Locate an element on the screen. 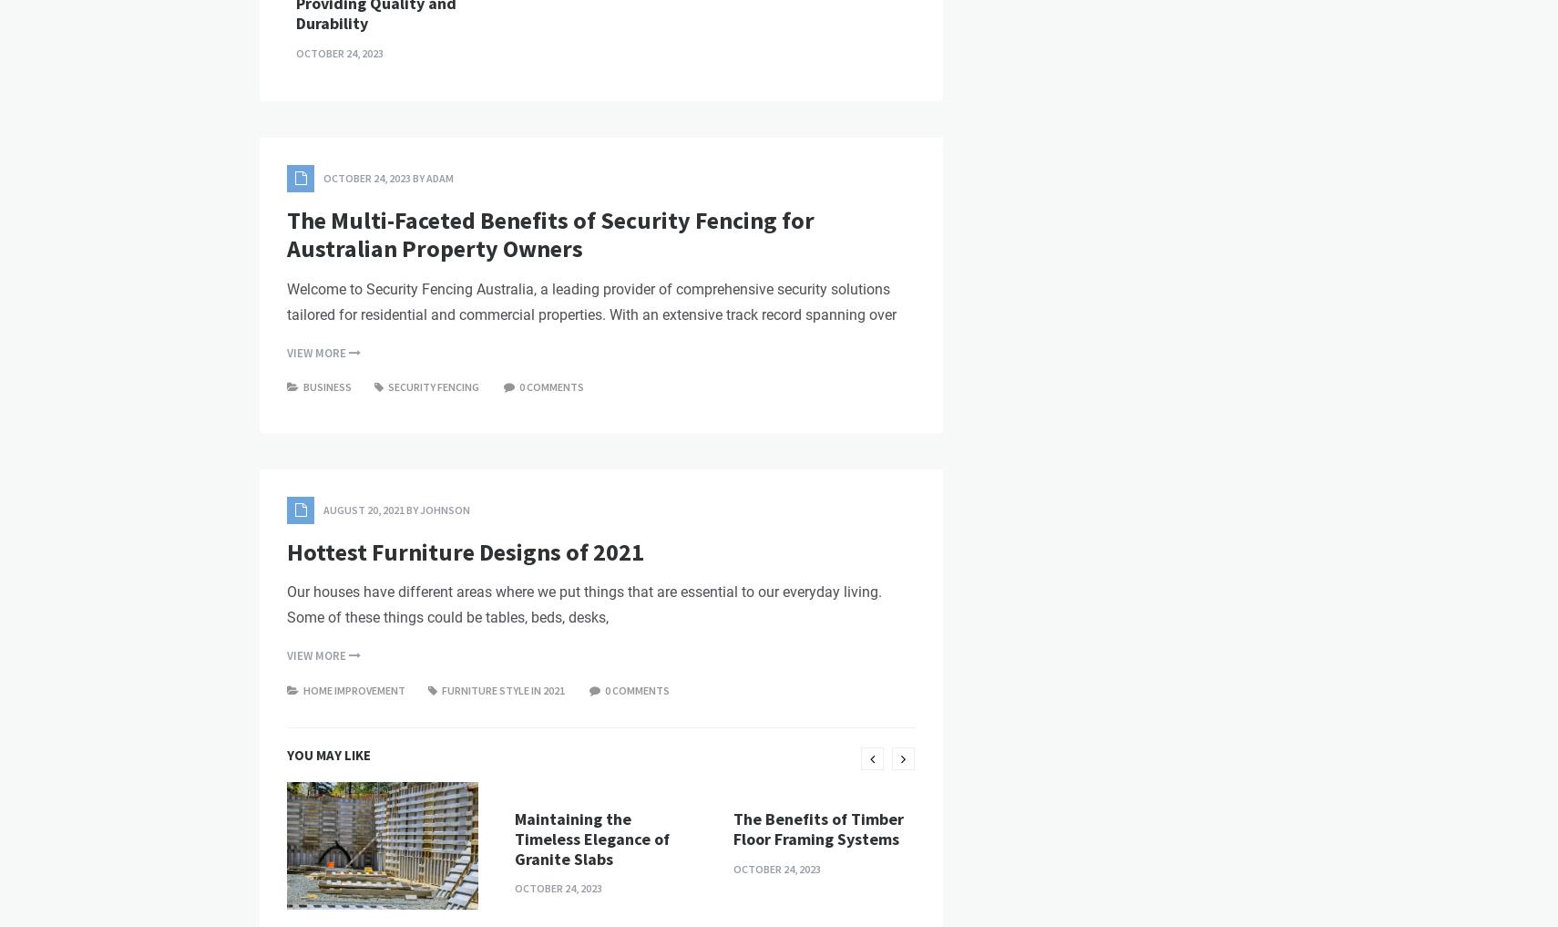  'Adam' is located at coordinates (440, 489).